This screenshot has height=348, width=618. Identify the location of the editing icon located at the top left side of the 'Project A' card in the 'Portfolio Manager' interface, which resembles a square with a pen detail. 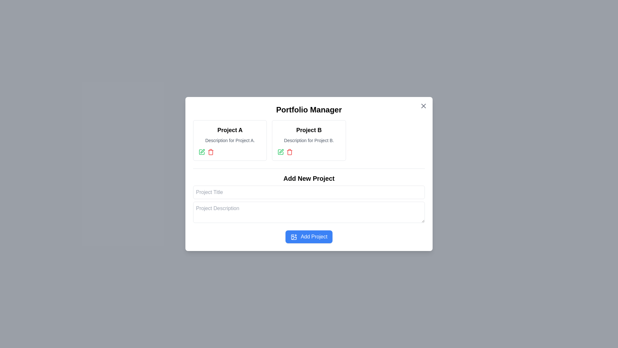
(281, 152).